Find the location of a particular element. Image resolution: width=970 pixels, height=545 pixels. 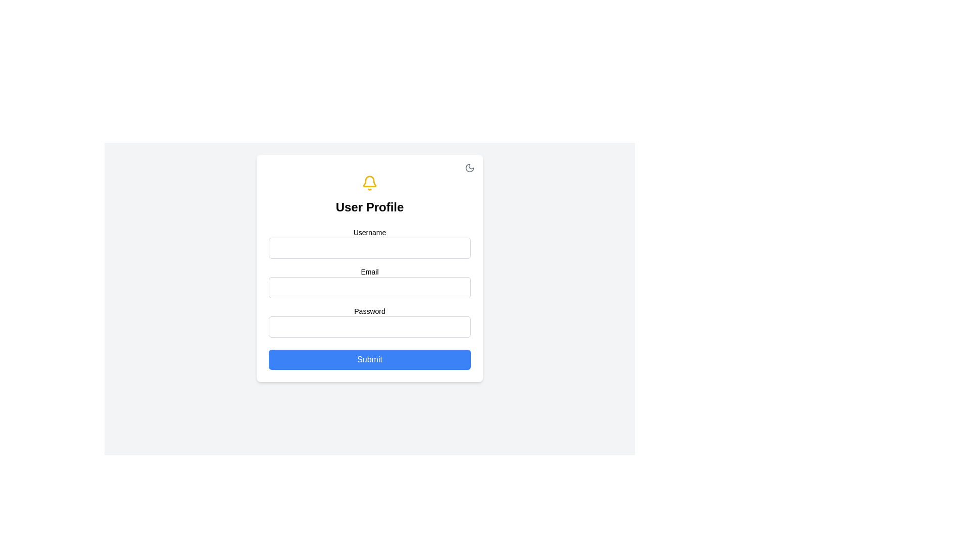

the email label, which indicates that the user should enter their email address into the associated text input box, located in the user profile form is located at coordinates (369, 268).